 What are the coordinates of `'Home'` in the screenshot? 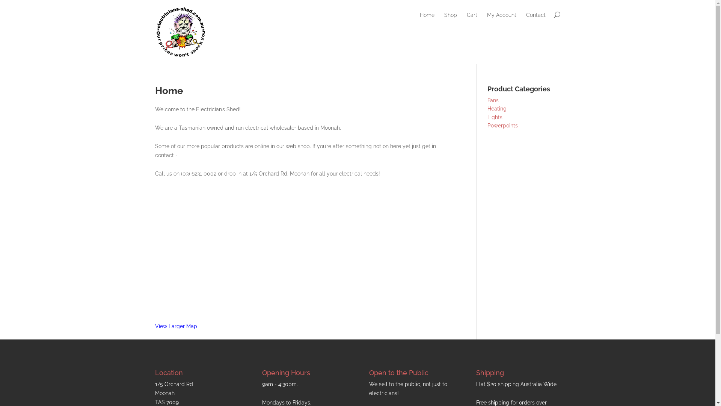 It's located at (427, 20).